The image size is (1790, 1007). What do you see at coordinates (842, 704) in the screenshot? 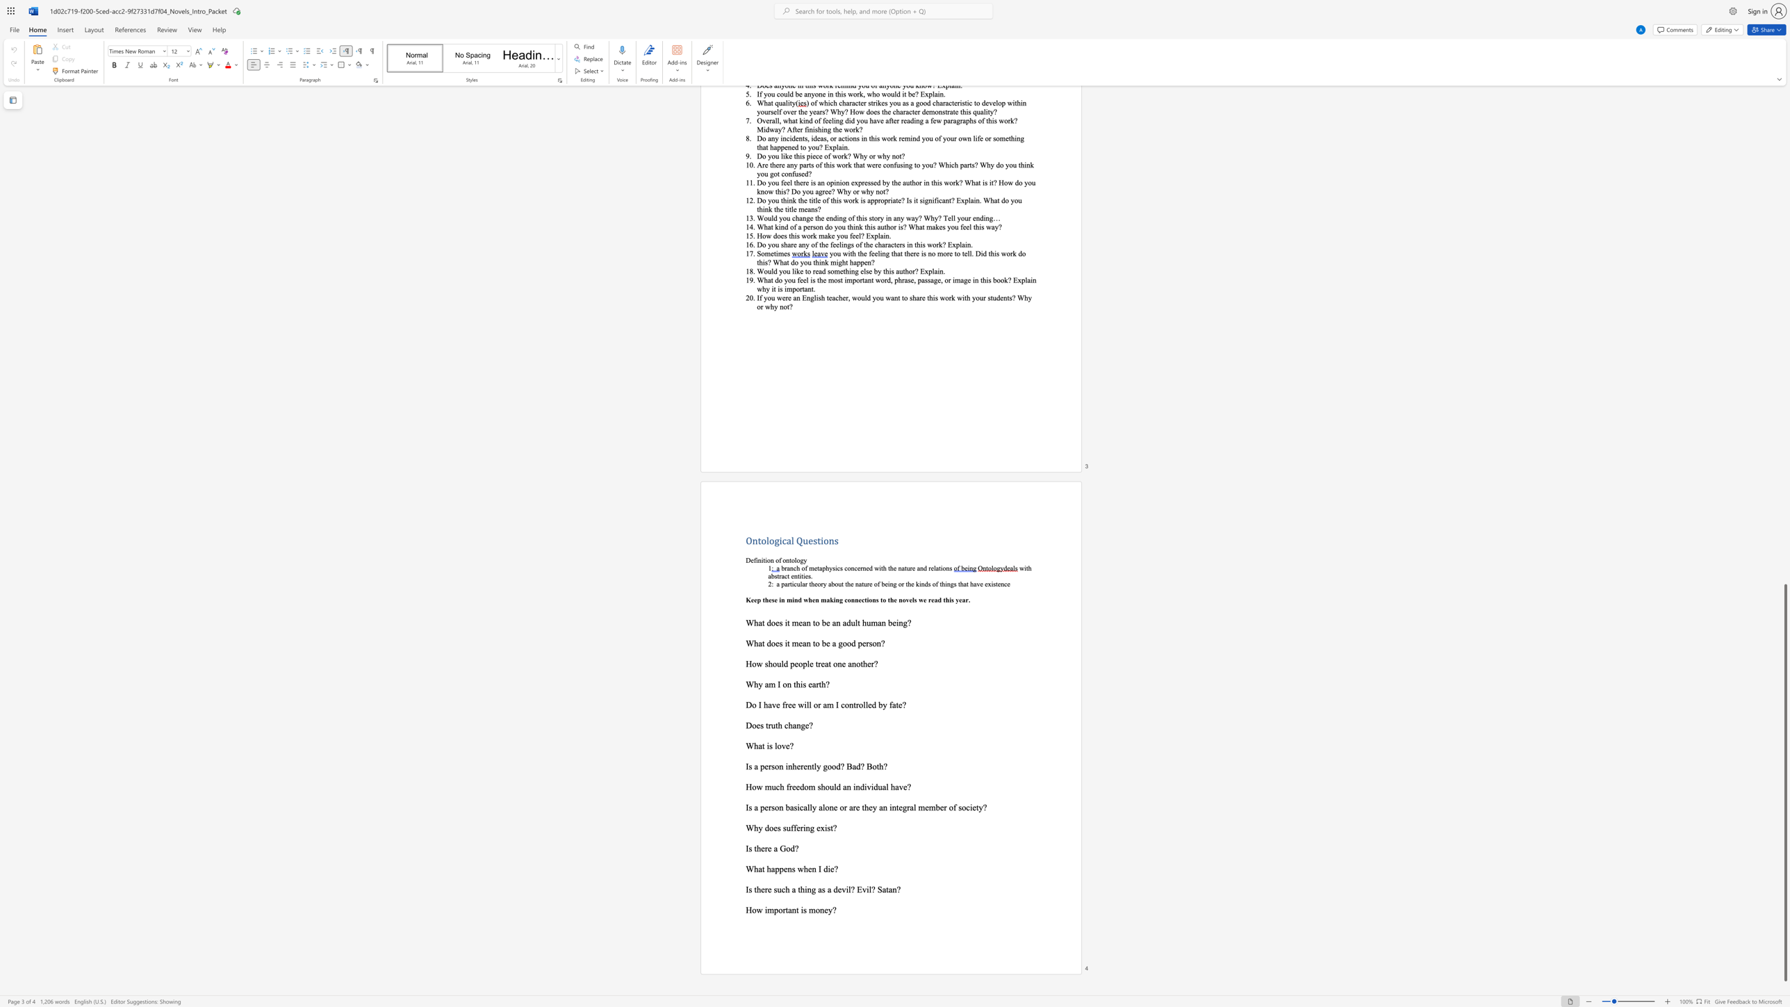
I see `the 1th character "c" in the text` at bounding box center [842, 704].